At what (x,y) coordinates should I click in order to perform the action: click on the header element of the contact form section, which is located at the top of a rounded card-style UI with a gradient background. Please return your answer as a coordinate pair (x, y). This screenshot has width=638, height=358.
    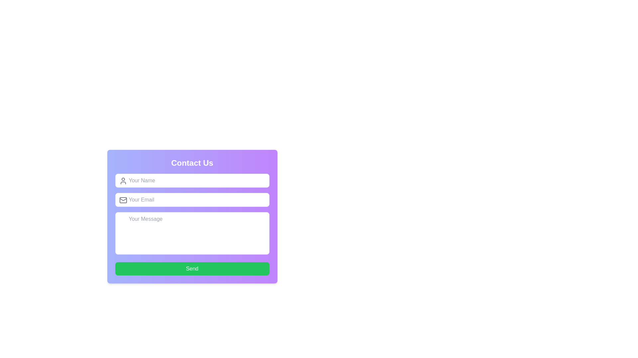
    Looking at the image, I should click on (192, 163).